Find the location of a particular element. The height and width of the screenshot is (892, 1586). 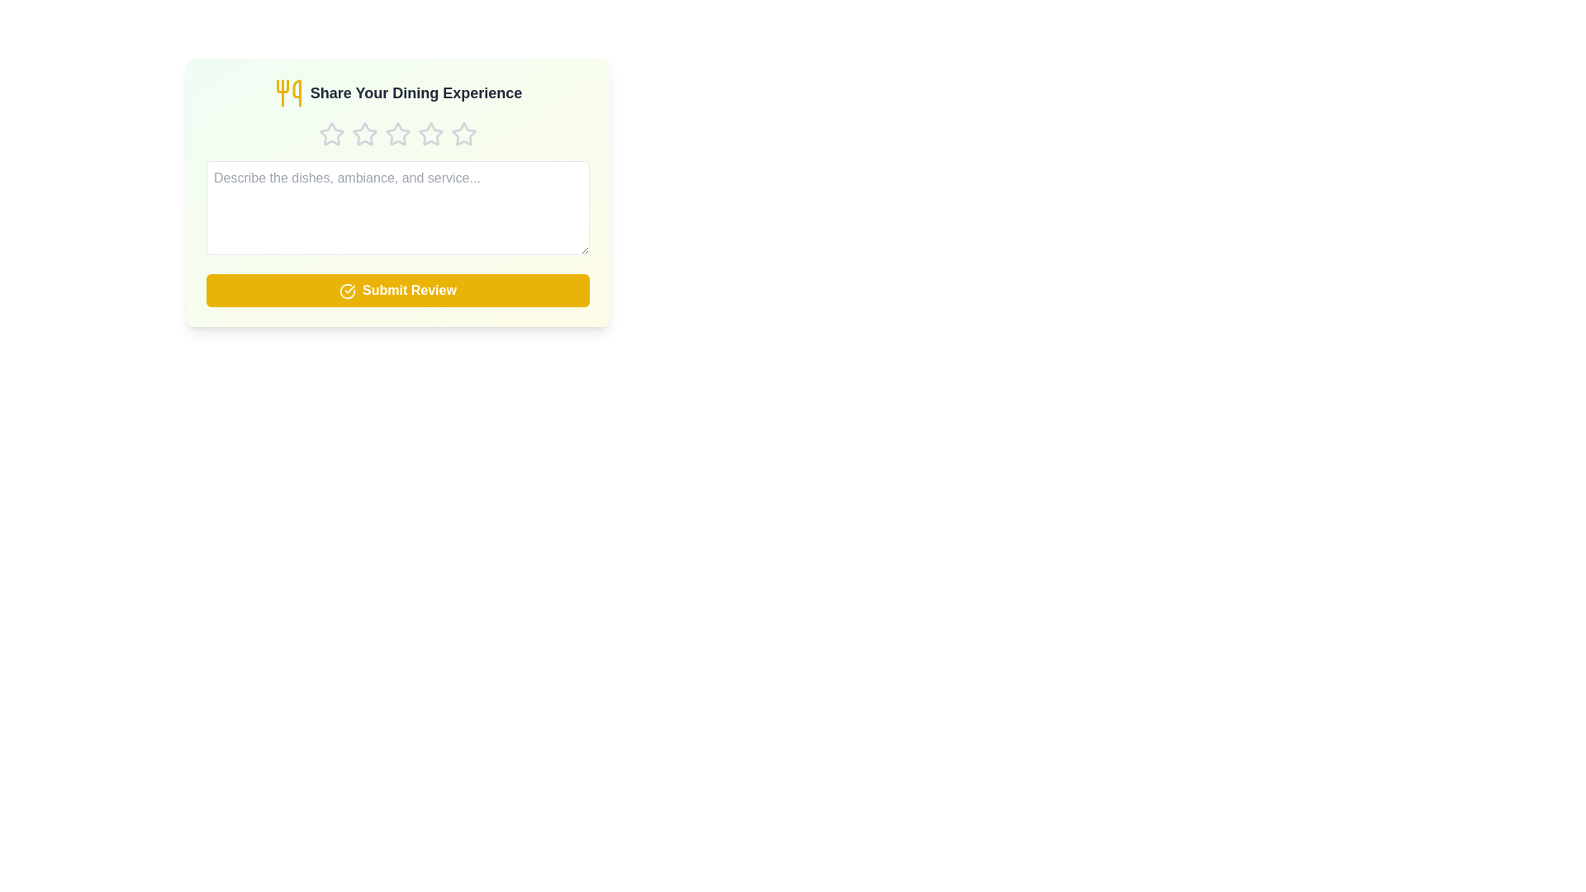

'Submit Review' button to submit the review is located at coordinates (397, 289).